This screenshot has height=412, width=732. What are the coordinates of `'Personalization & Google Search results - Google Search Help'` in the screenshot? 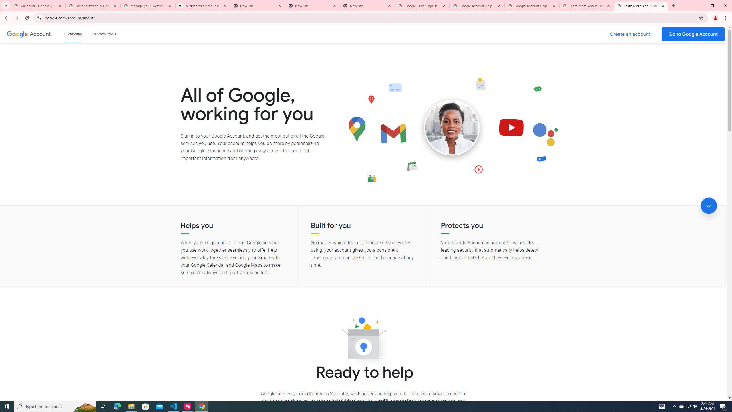 It's located at (93, 5).